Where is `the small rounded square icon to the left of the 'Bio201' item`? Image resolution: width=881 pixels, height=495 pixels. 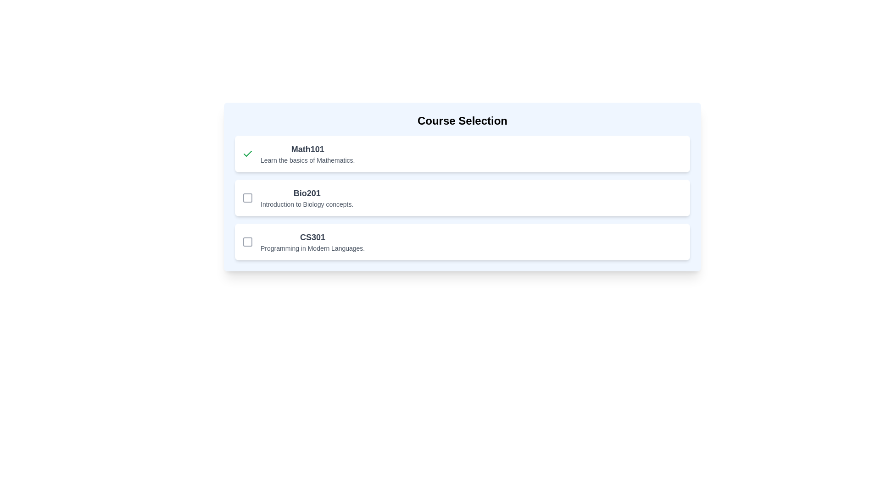
the small rounded square icon to the left of the 'Bio201' item is located at coordinates (247, 198).